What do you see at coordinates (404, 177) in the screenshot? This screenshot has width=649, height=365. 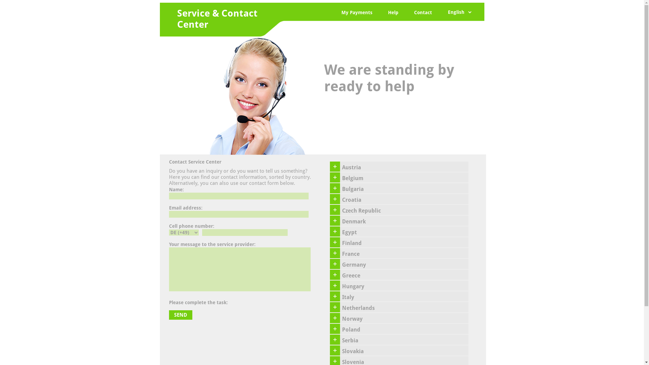 I see `'Belgium'` at bounding box center [404, 177].